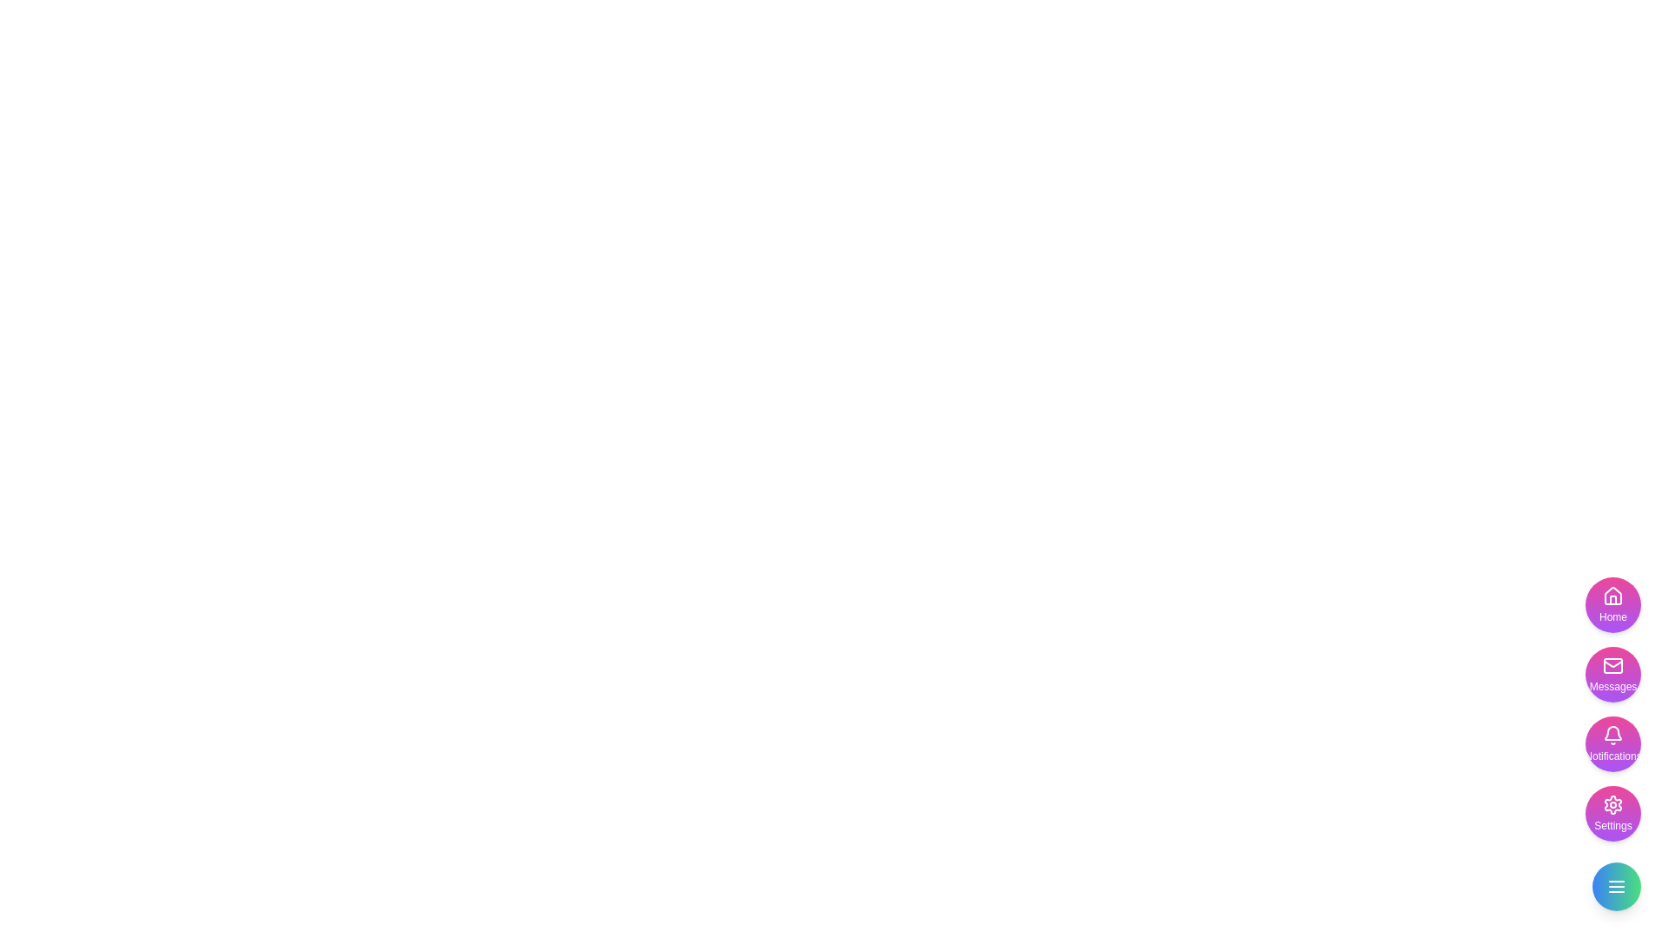  What do you see at coordinates (1612, 673) in the screenshot?
I see `the circular button labeled 'Messages' with a gradient color scheme from purple to pink` at bounding box center [1612, 673].